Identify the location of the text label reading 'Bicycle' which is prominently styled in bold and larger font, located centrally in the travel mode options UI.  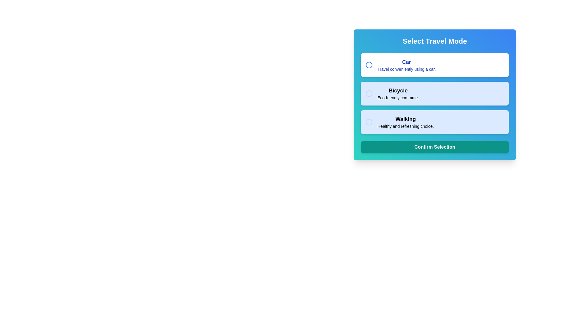
(398, 90).